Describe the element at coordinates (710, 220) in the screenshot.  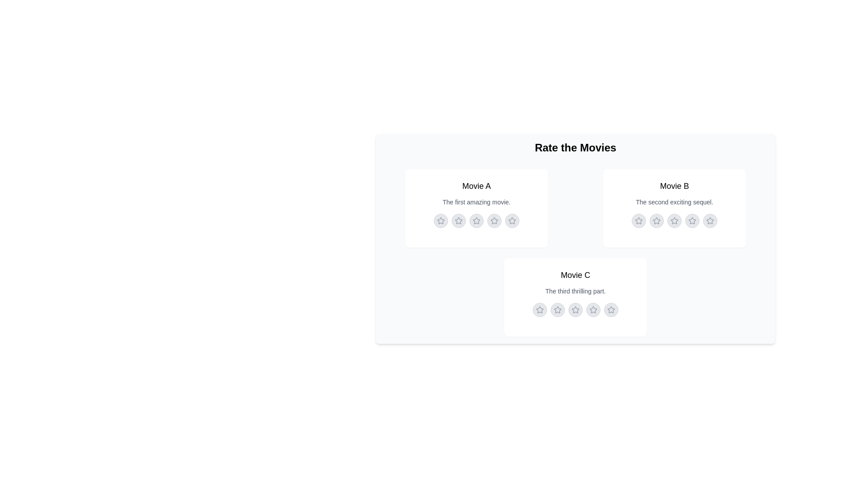
I see `the fifth interactive star icon in the star rating system for 'Movie B' to rate it` at that location.